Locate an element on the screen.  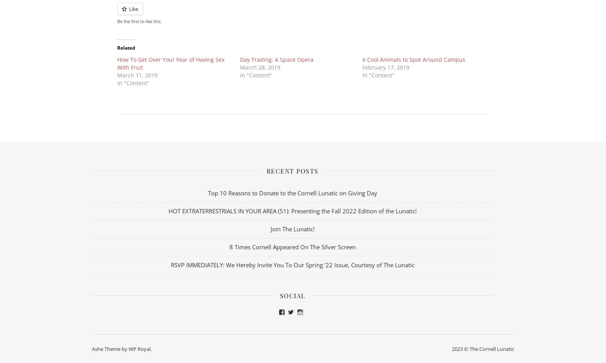
'Related' is located at coordinates (126, 47).